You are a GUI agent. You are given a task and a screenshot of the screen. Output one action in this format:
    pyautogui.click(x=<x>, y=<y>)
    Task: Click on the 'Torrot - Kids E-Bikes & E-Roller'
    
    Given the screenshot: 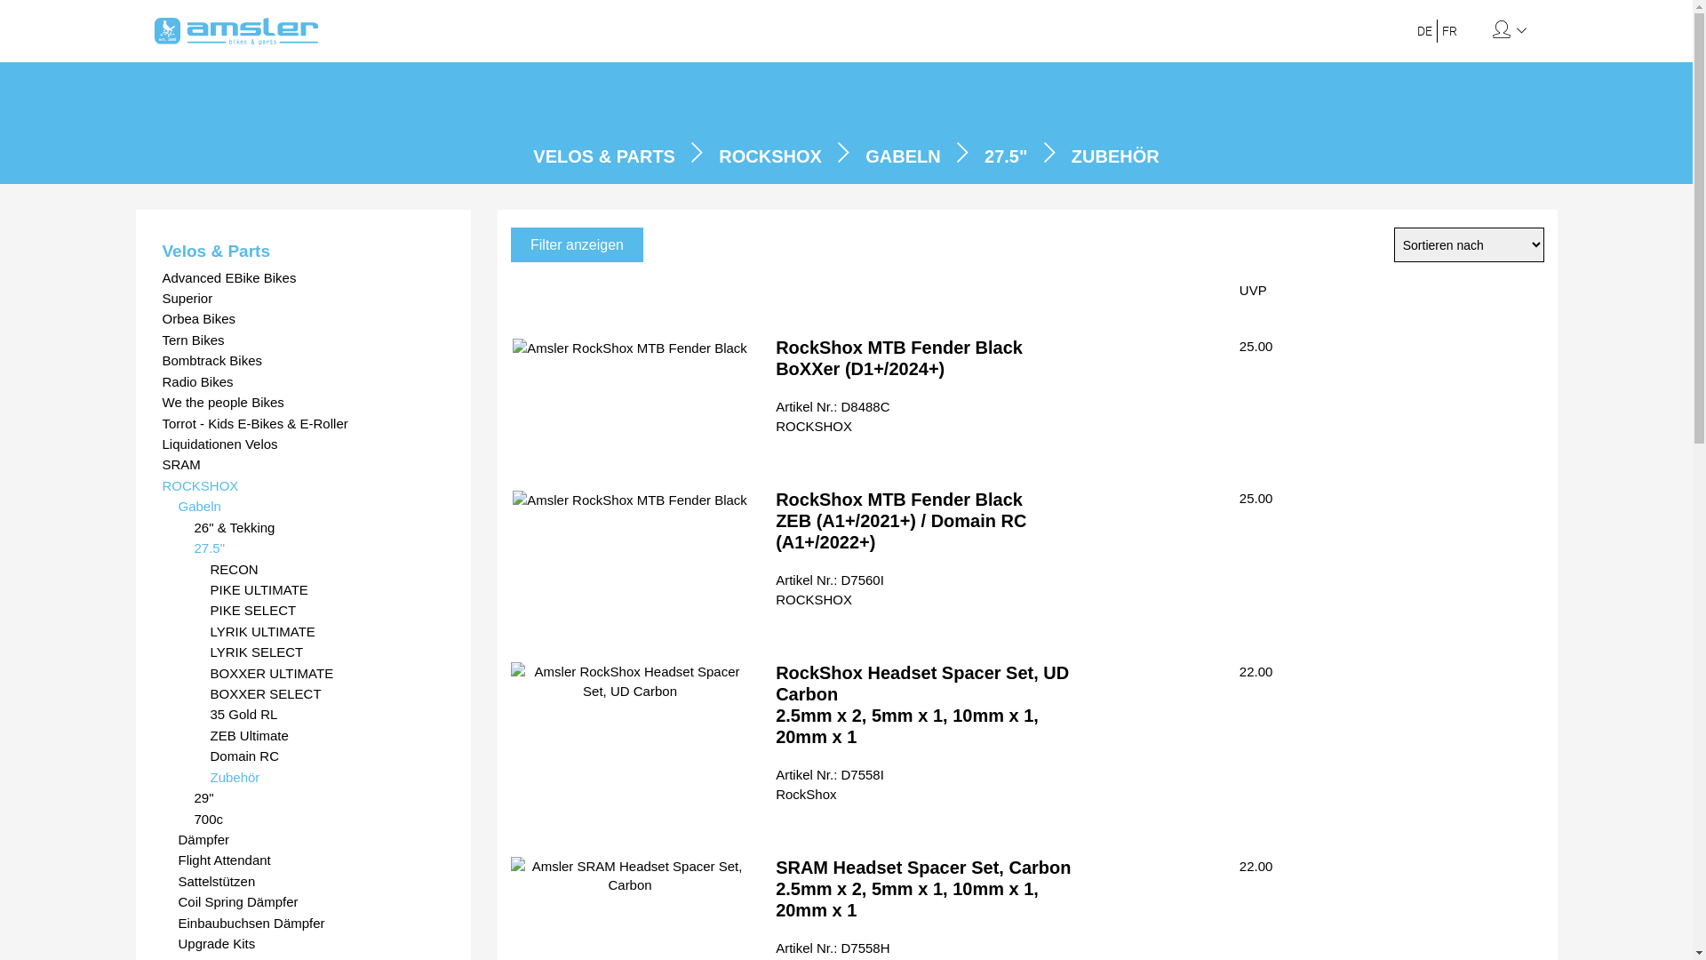 What is the action you would take?
    pyautogui.click(x=302, y=423)
    